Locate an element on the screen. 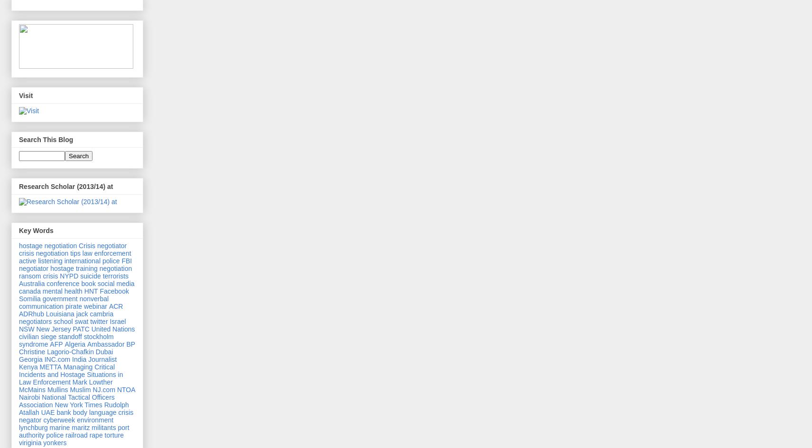  'Christine Lagorio-Chafkin' is located at coordinates (55, 351).